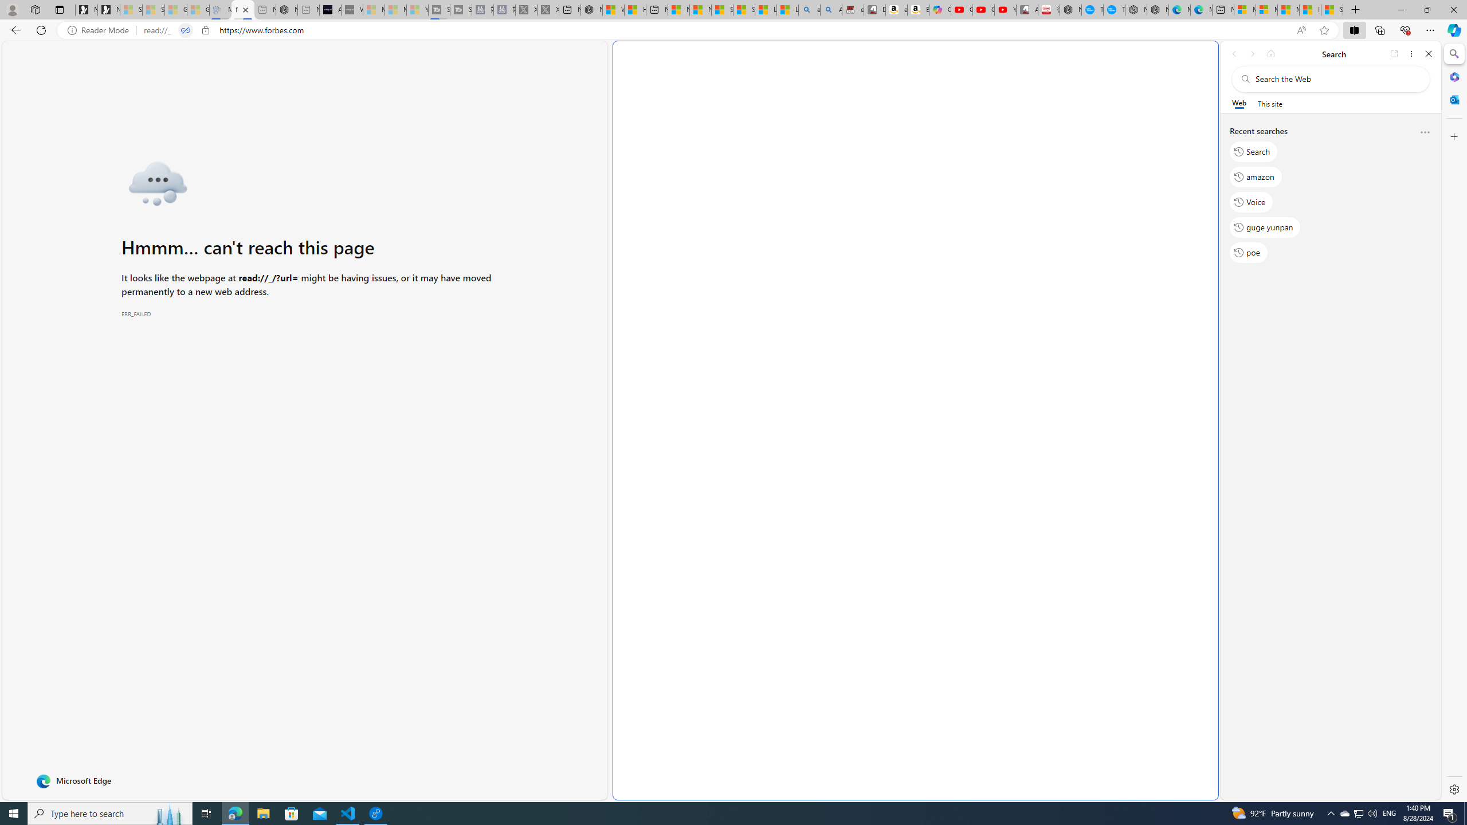 Image resolution: width=1467 pixels, height=825 pixels. I want to click on 'amazon.in/dp/B0CX59H5W7/?tag=gsmcom05-21', so click(896, 9).